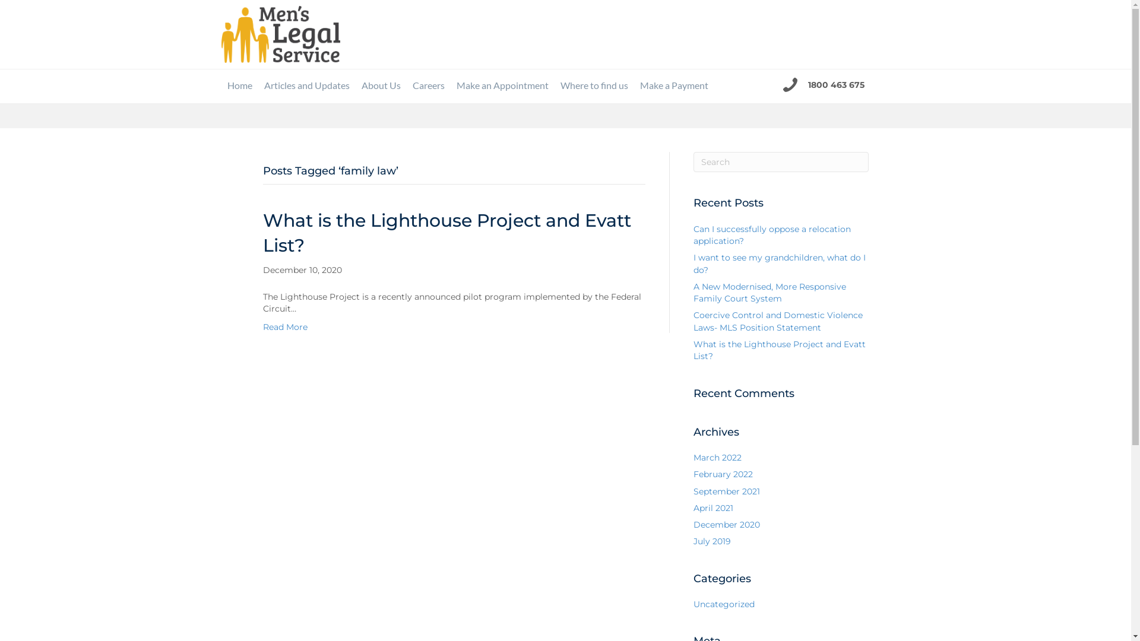  What do you see at coordinates (807, 84) in the screenshot?
I see `'1800 463 675'` at bounding box center [807, 84].